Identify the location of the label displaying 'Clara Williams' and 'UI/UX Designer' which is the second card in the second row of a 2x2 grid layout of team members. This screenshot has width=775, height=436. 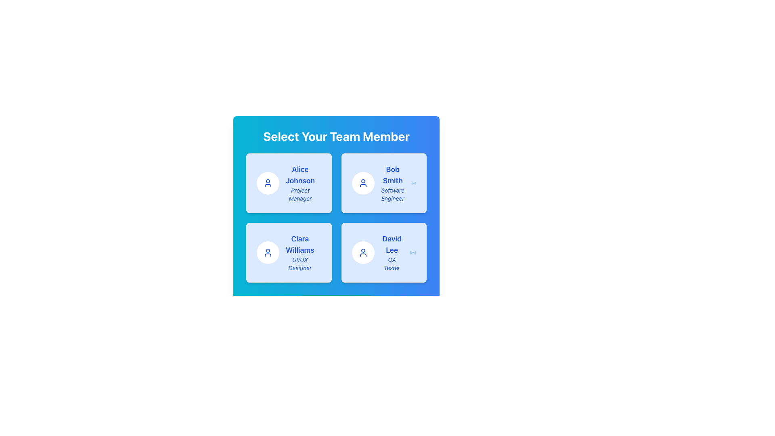
(300, 252).